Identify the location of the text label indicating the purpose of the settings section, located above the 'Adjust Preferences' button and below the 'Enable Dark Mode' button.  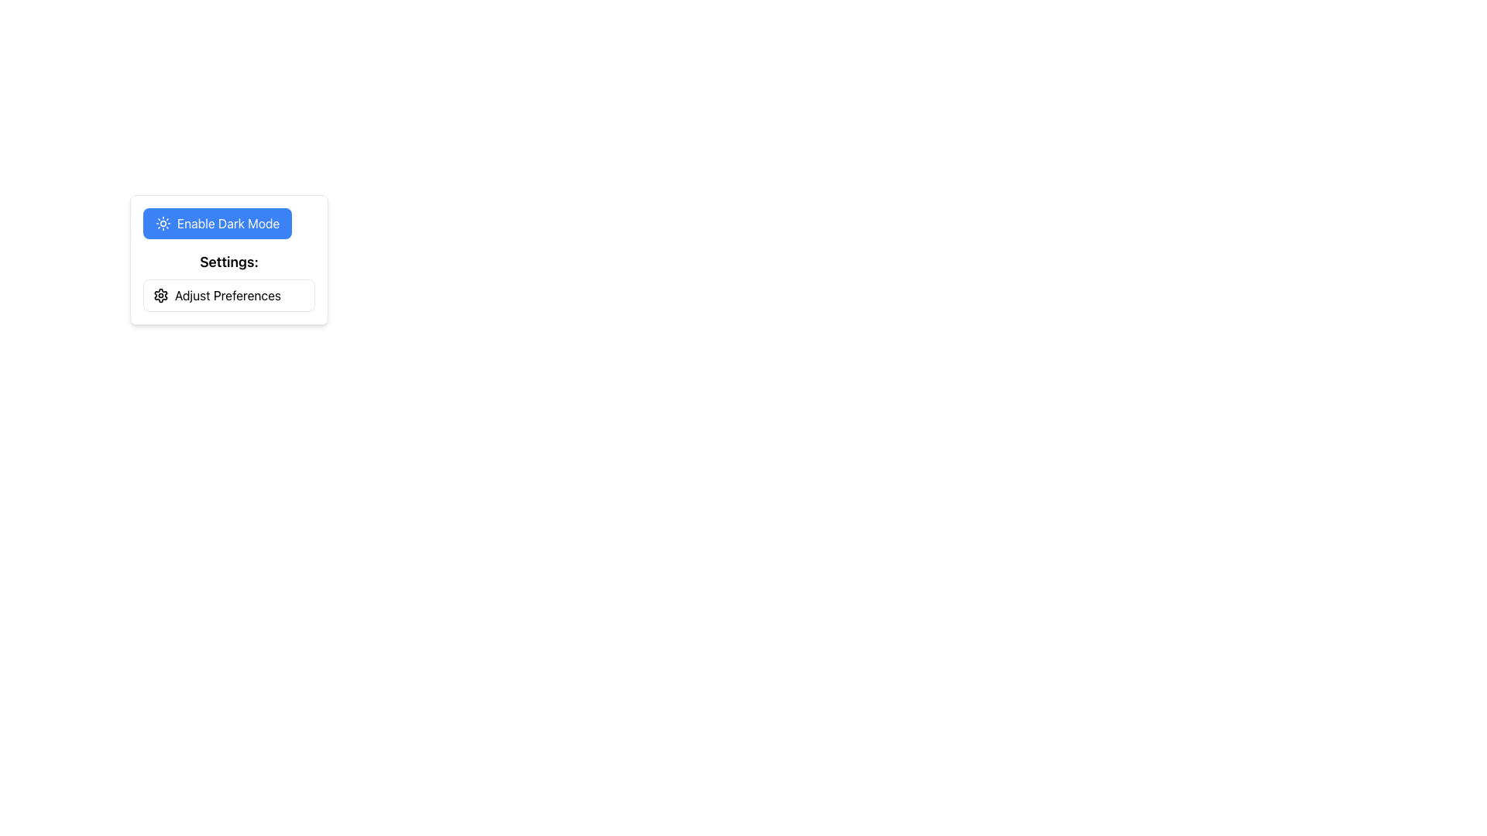
(228, 262).